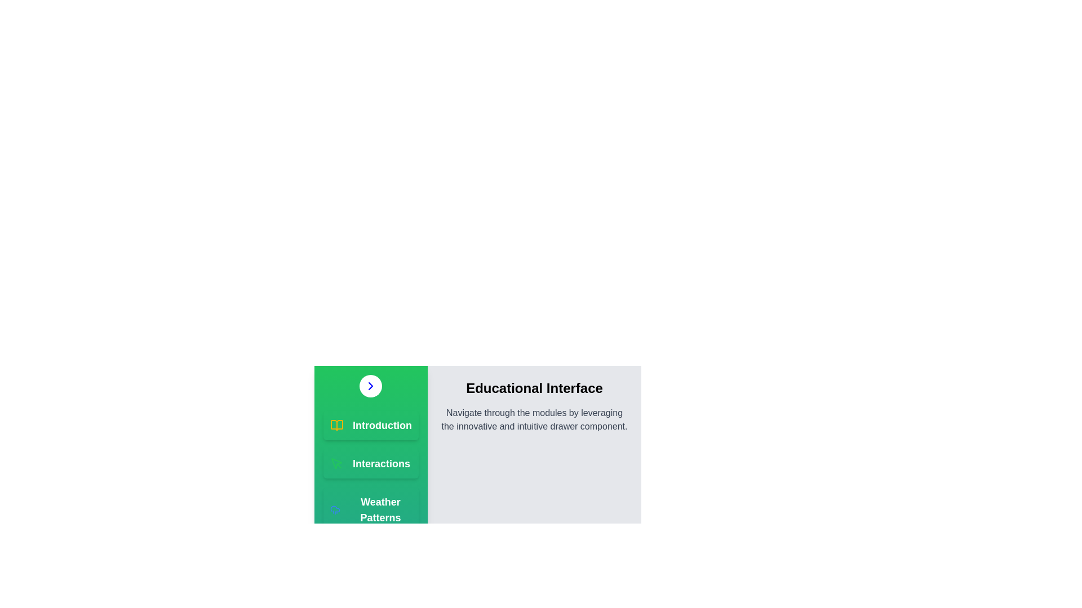 Image resolution: width=1082 pixels, height=608 pixels. I want to click on the module Weather Patterns from the list, so click(371, 510).